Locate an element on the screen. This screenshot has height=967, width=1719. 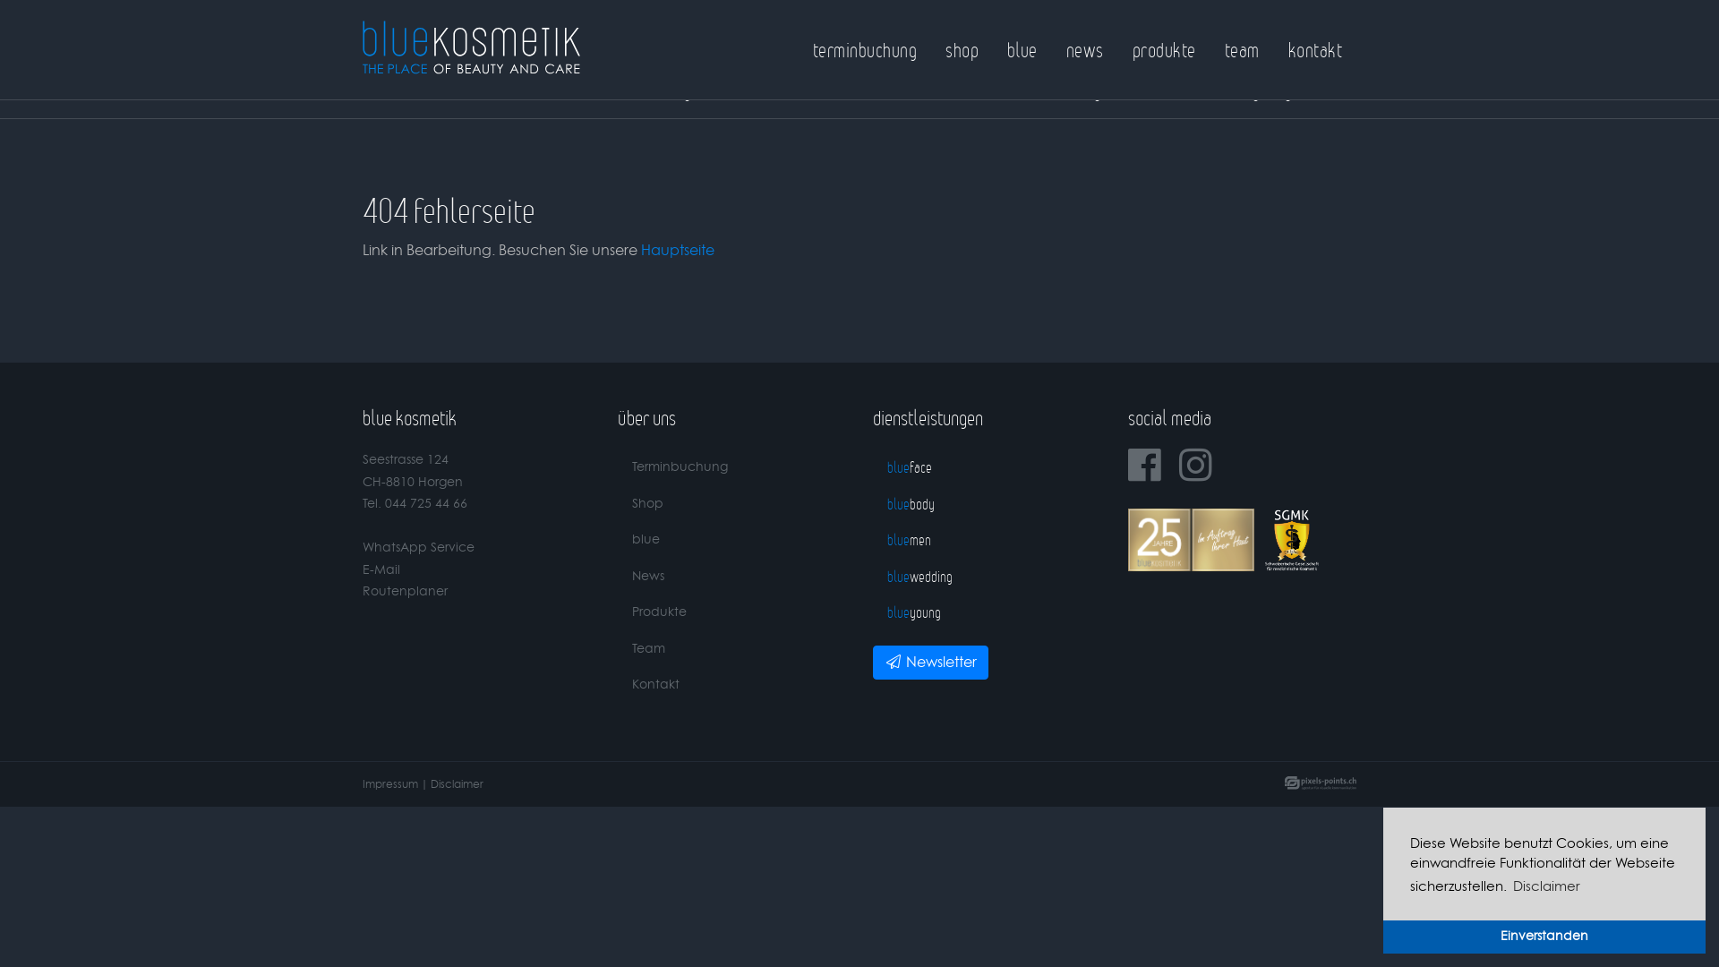
'produkte' is located at coordinates (1164, 49).